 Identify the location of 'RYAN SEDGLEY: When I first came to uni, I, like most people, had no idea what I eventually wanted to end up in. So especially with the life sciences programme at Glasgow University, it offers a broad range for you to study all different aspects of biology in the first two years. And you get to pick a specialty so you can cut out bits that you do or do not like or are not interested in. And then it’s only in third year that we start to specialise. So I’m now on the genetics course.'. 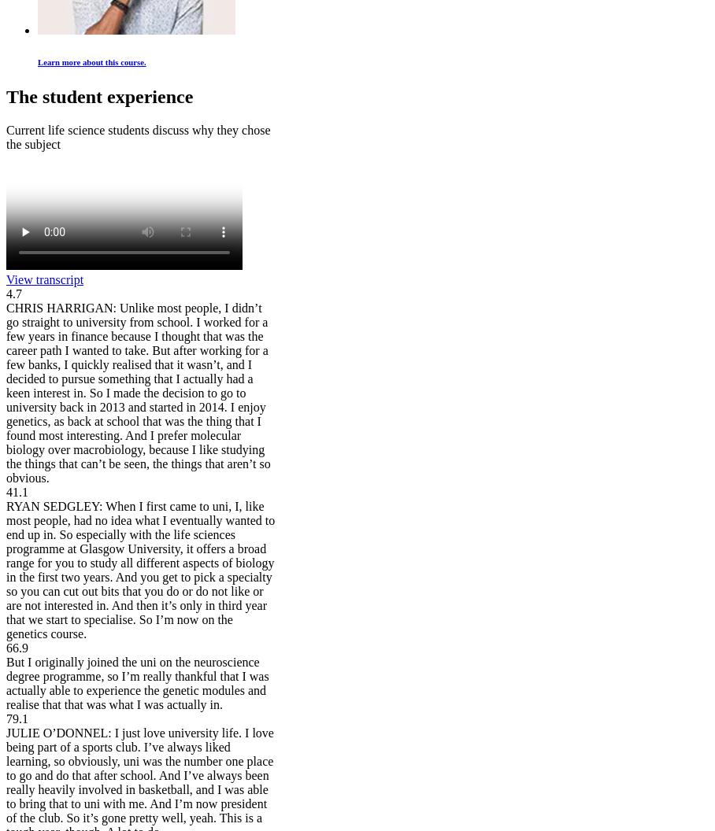
(139, 570).